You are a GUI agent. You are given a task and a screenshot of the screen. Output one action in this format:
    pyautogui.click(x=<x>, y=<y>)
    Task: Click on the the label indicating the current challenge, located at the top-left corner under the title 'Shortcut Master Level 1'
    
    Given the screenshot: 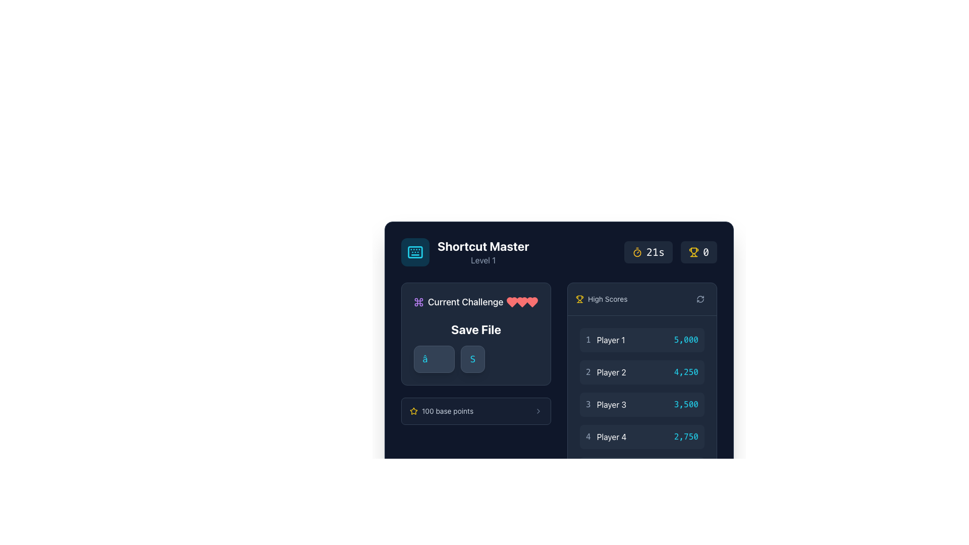 What is the action you would take?
    pyautogui.click(x=458, y=301)
    